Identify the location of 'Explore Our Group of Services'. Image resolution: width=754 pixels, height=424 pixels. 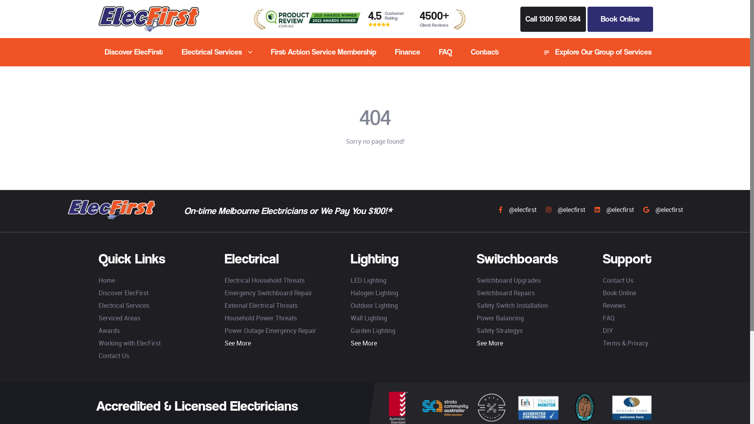
(597, 52).